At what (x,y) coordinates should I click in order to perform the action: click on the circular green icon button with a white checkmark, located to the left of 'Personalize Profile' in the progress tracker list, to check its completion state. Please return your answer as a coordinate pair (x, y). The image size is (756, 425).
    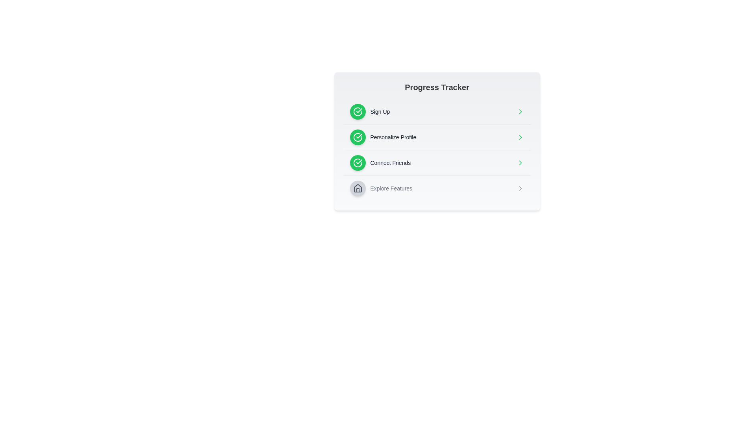
    Looking at the image, I should click on (357, 137).